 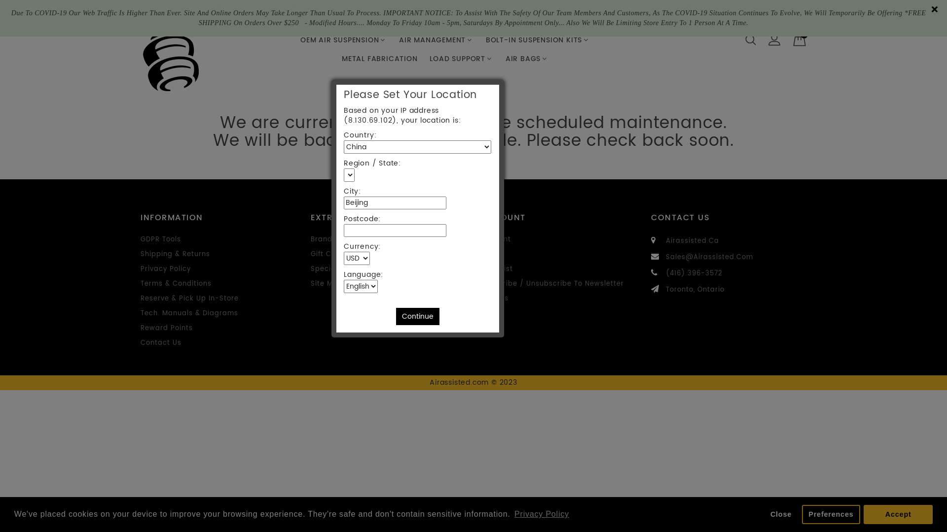 What do you see at coordinates (175, 254) in the screenshot?
I see `'Shipping & Returns'` at bounding box center [175, 254].